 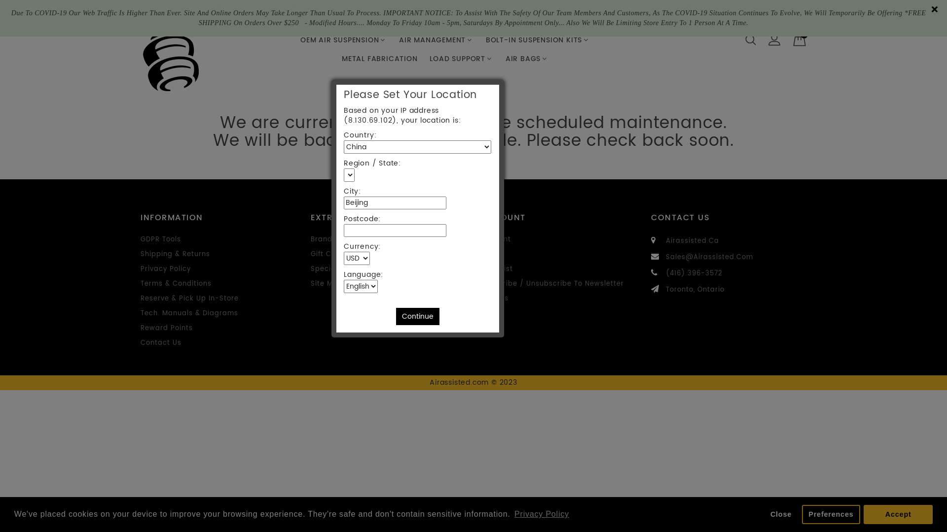 What do you see at coordinates (175, 254) in the screenshot?
I see `'Shipping & Returns'` at bounding box center [175, 254].